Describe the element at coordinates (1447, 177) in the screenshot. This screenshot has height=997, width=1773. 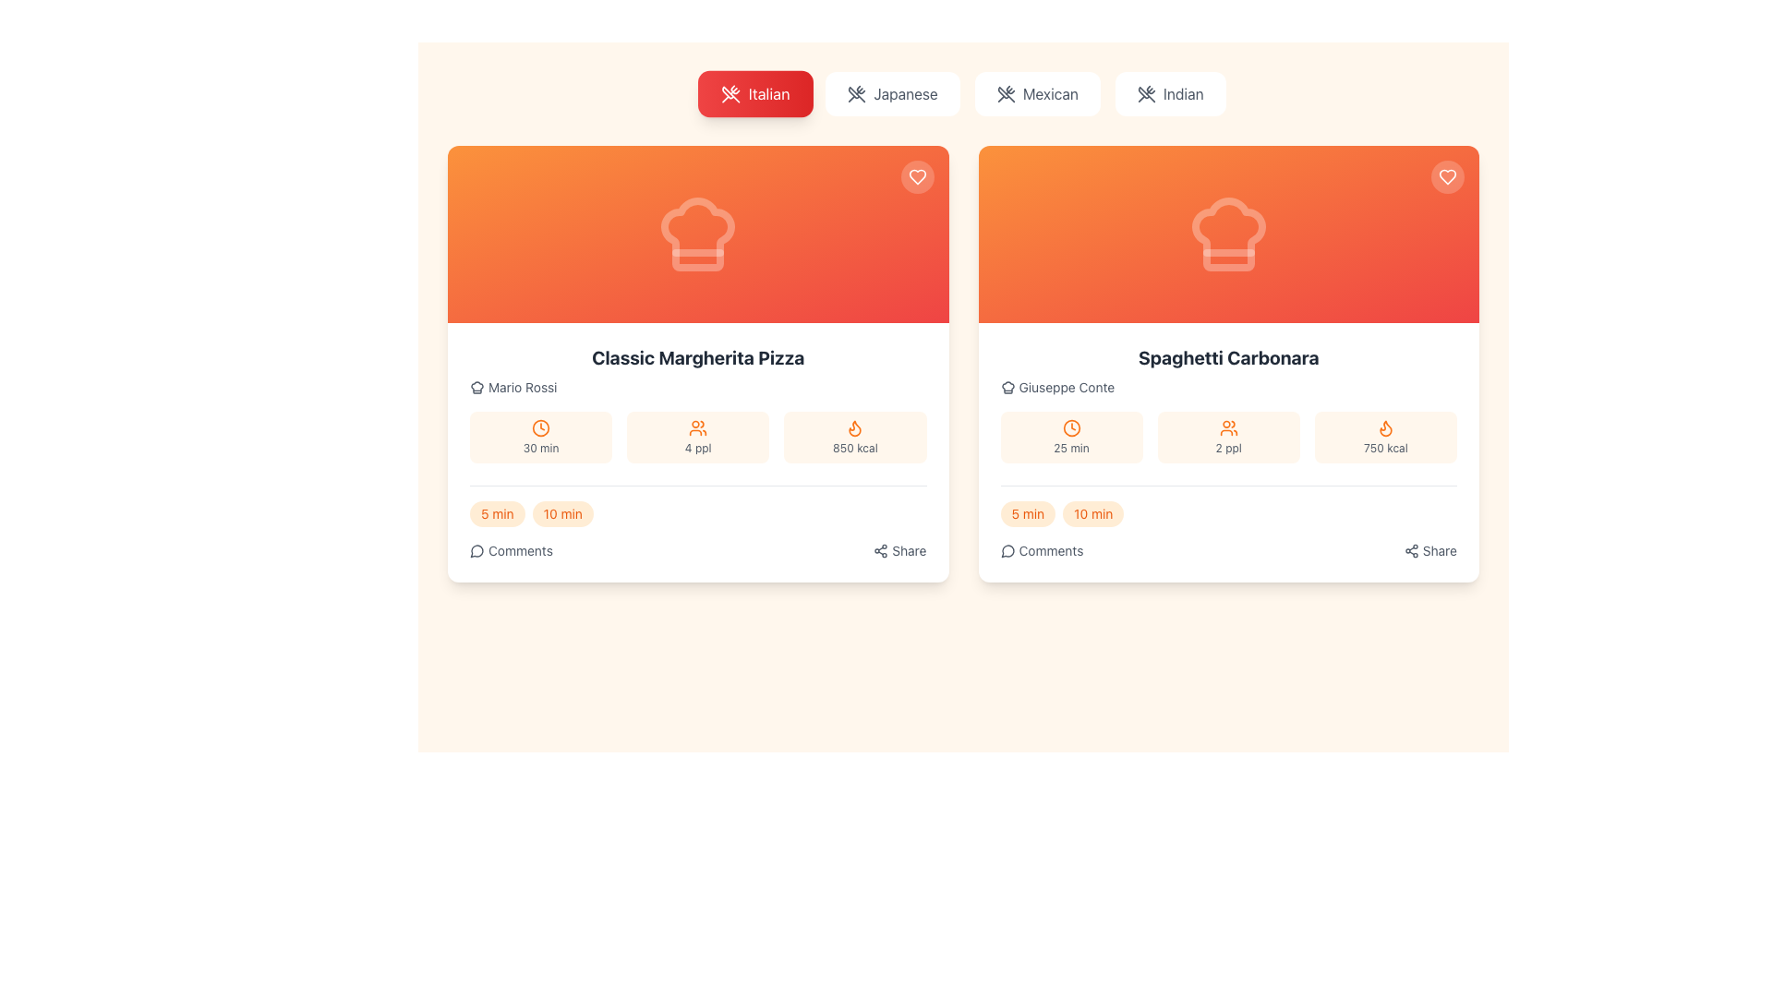
I see `the favorite button located in the top-right corner of the 'Spaghetti Carbonara' card` at that location.